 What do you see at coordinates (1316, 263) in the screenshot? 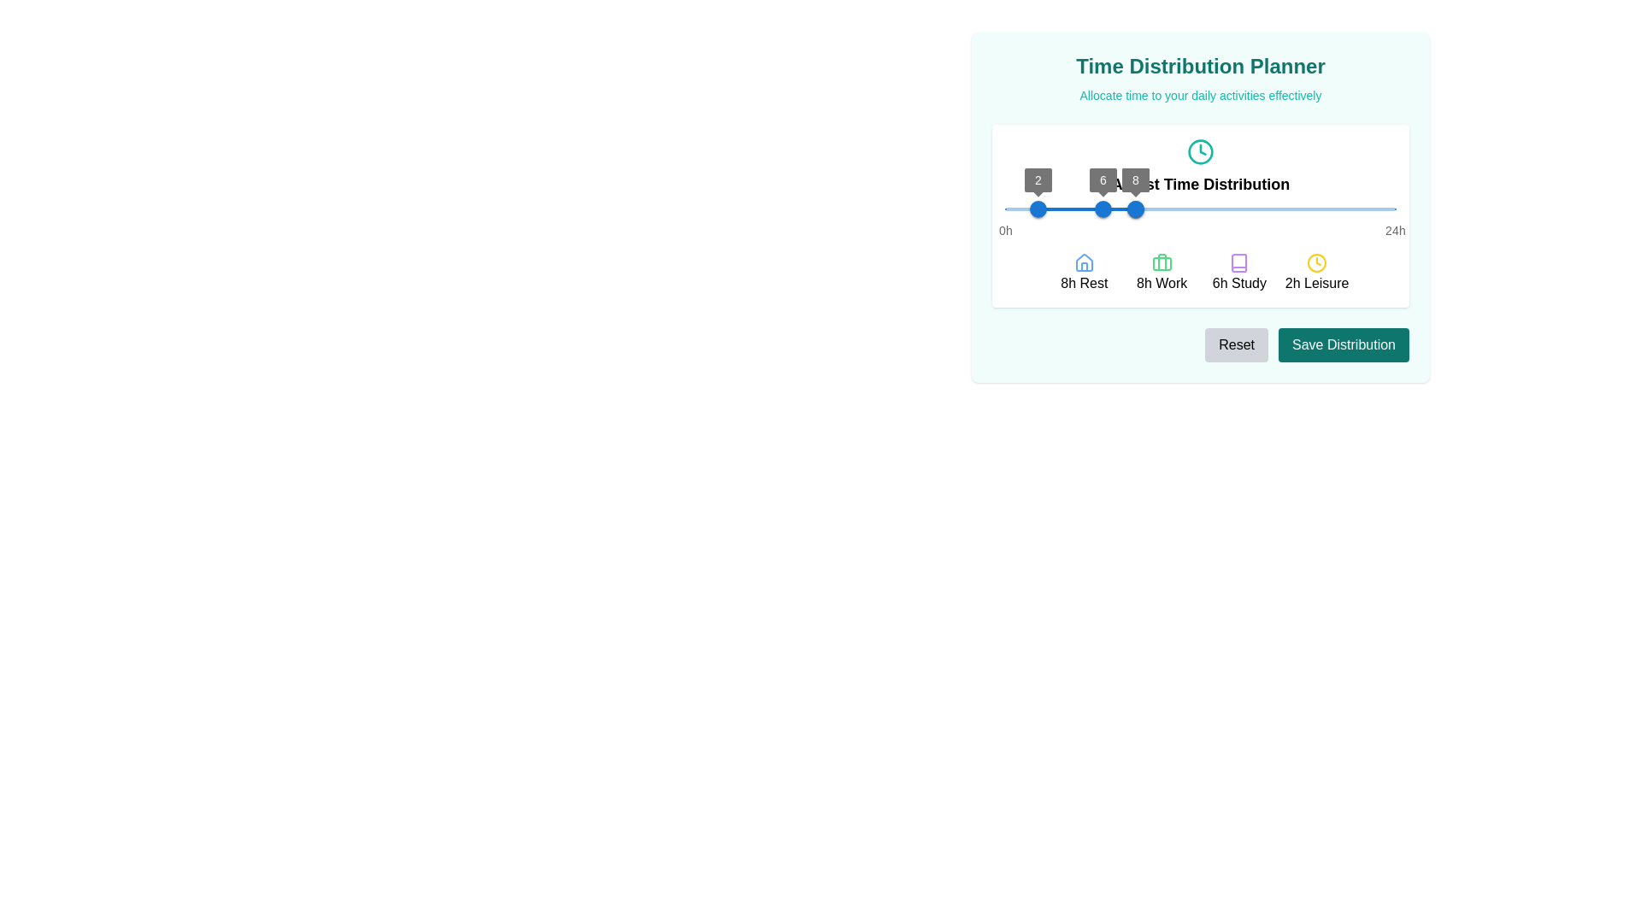
I see `the central circular part of the yellow clock icon located near the heading 'Time Distribution Planner'` at bounding box center [1316, 263].